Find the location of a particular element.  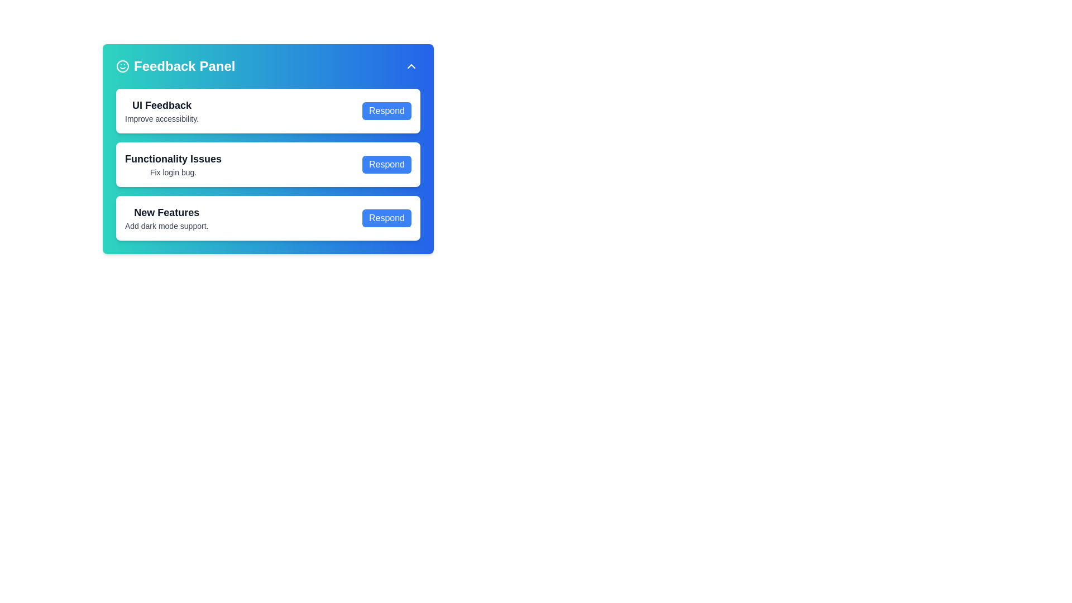

the Text block containing the heading 'New Features' and subtext 'Add dark mode support.' which is part of a card component in the feedback panel is located at coordinates (166, 218).